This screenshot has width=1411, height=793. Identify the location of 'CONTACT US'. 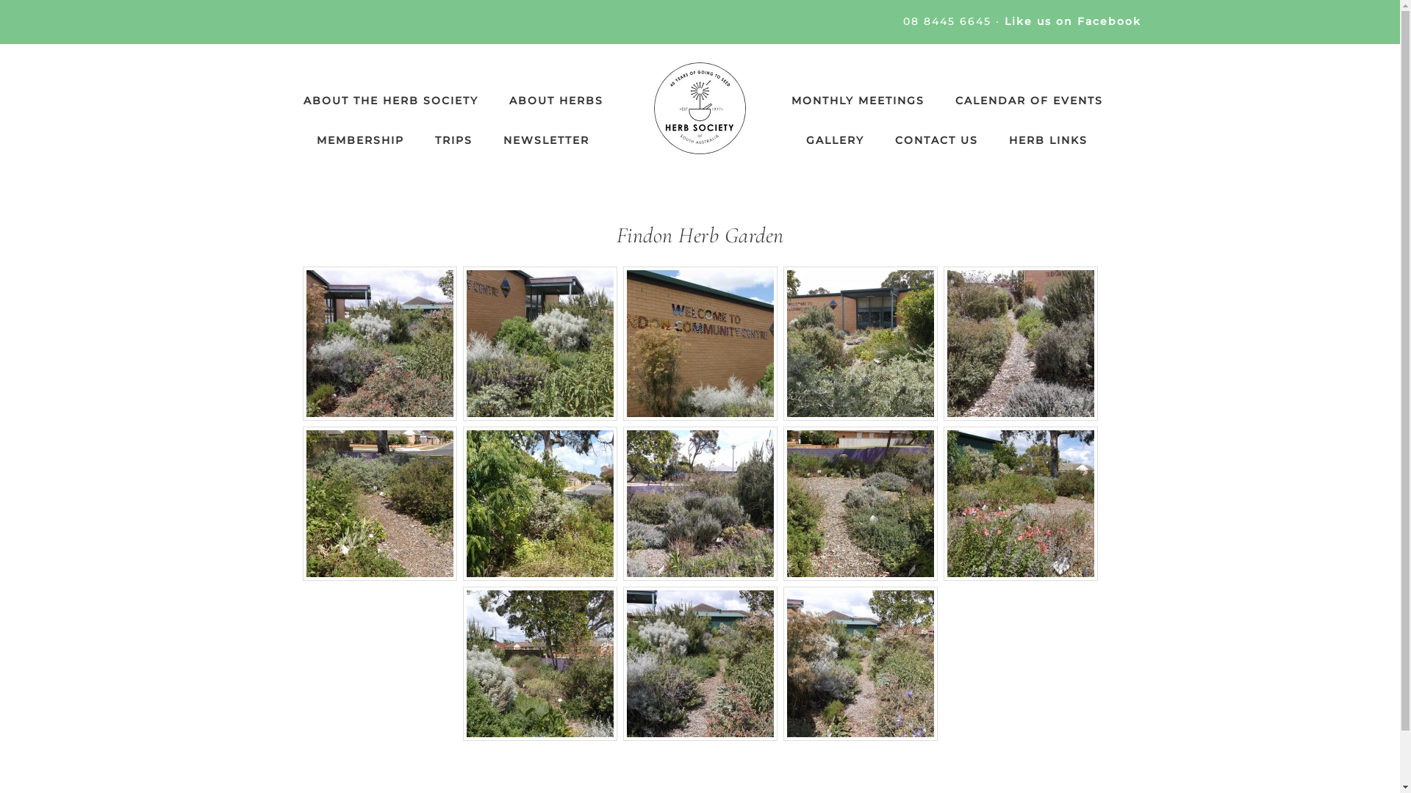
(936, 140).